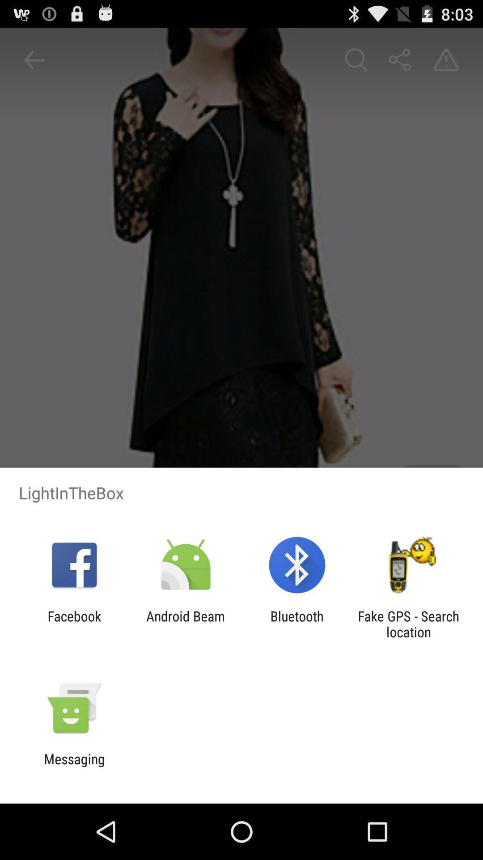 This screenshot has width=483, height=860. Describe the element at coordinates (74, 623) in the screenshot. I see `facebook app` at that location.